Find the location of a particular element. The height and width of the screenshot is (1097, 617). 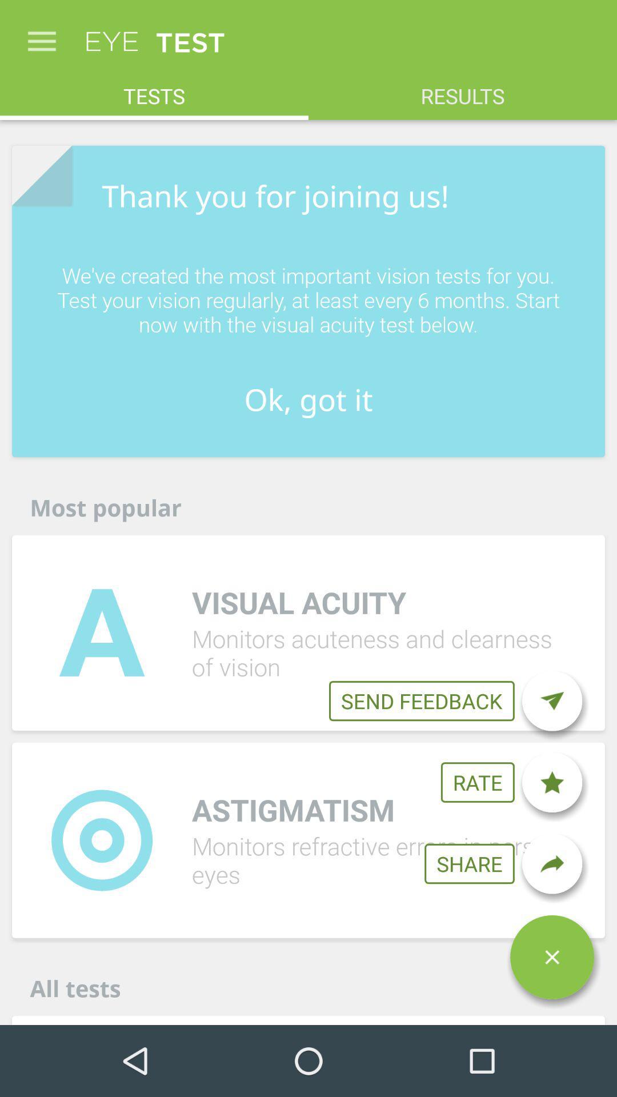

icon below the we ve created item is located at coordinates (551, 700).